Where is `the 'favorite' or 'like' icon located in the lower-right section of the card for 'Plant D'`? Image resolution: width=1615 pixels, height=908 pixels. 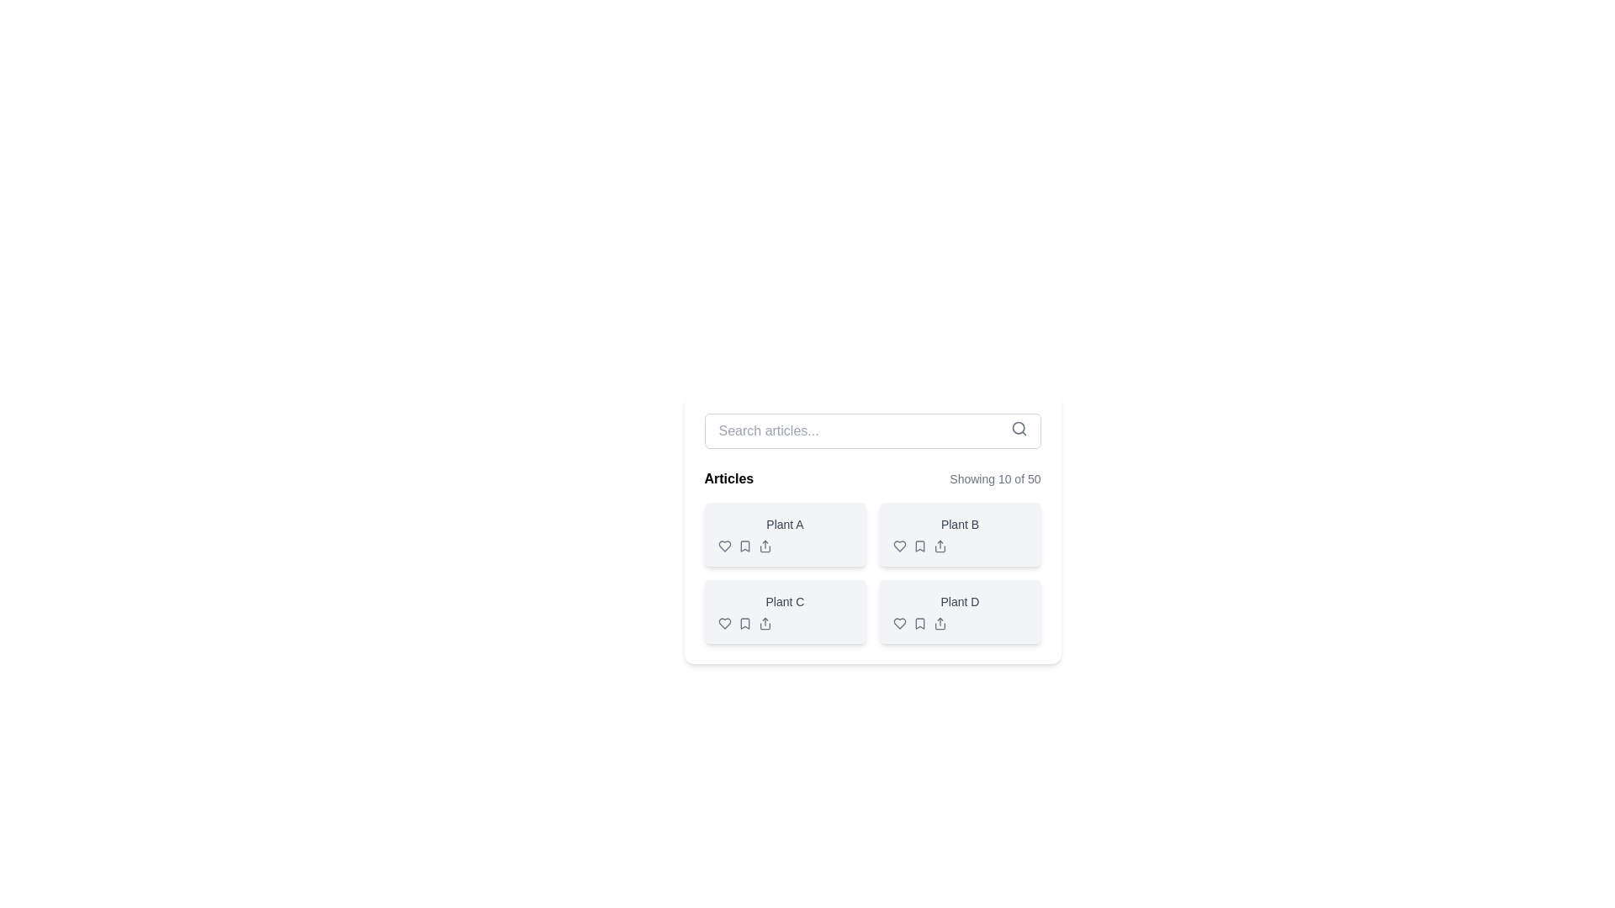
the 'favorite' or 'like' icon located in the lower-right section of the card for 'Plant D' is located at coordinates (898, 623).